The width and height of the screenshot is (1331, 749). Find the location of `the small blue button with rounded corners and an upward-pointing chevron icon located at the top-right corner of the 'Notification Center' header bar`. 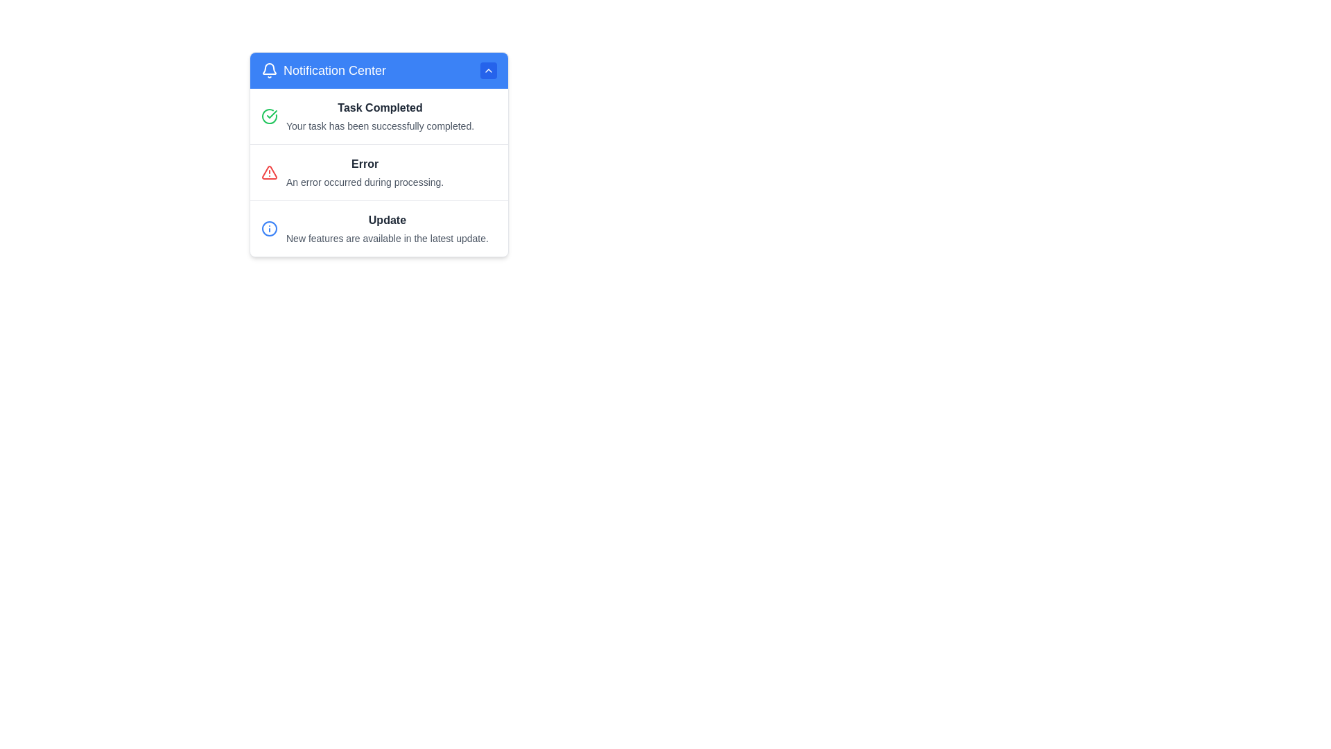

the small blue button with rounded corners and an upward-pointing chevron icon located at the top-right corner of the 'Notification Center' header bar is located at coordinates (489, 70).